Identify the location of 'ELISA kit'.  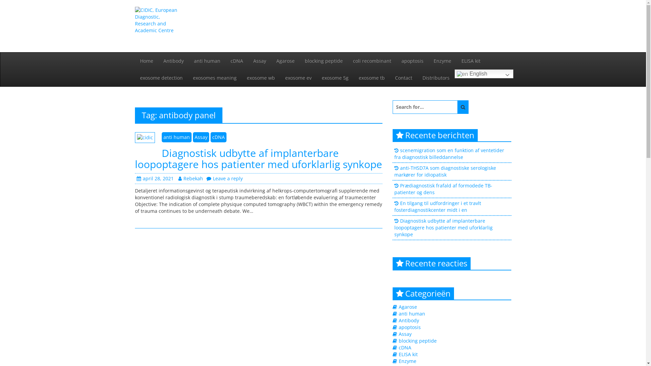
(408, 354).